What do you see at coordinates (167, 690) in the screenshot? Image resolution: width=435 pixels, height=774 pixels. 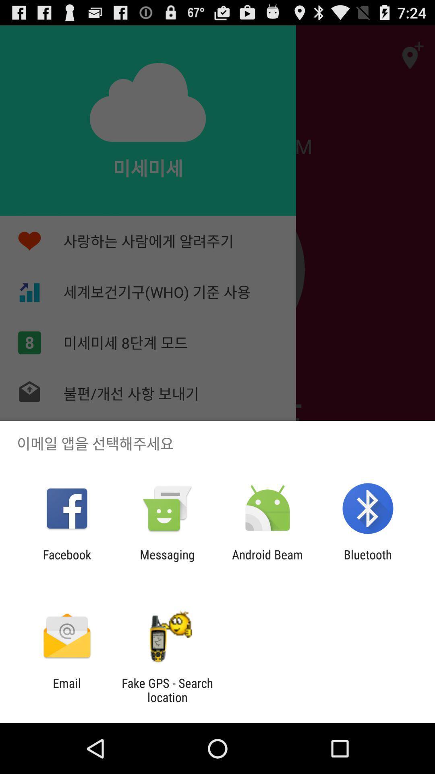 I see `the item next to the email` at bounding box center [167, 690].